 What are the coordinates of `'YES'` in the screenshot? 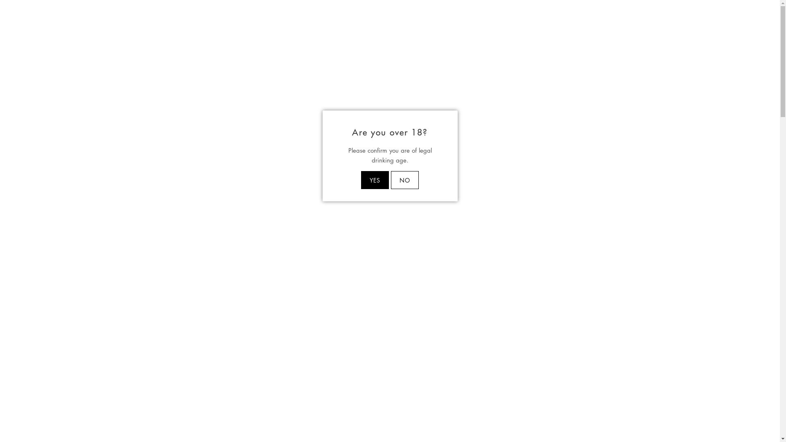 It's located at (375, 180).